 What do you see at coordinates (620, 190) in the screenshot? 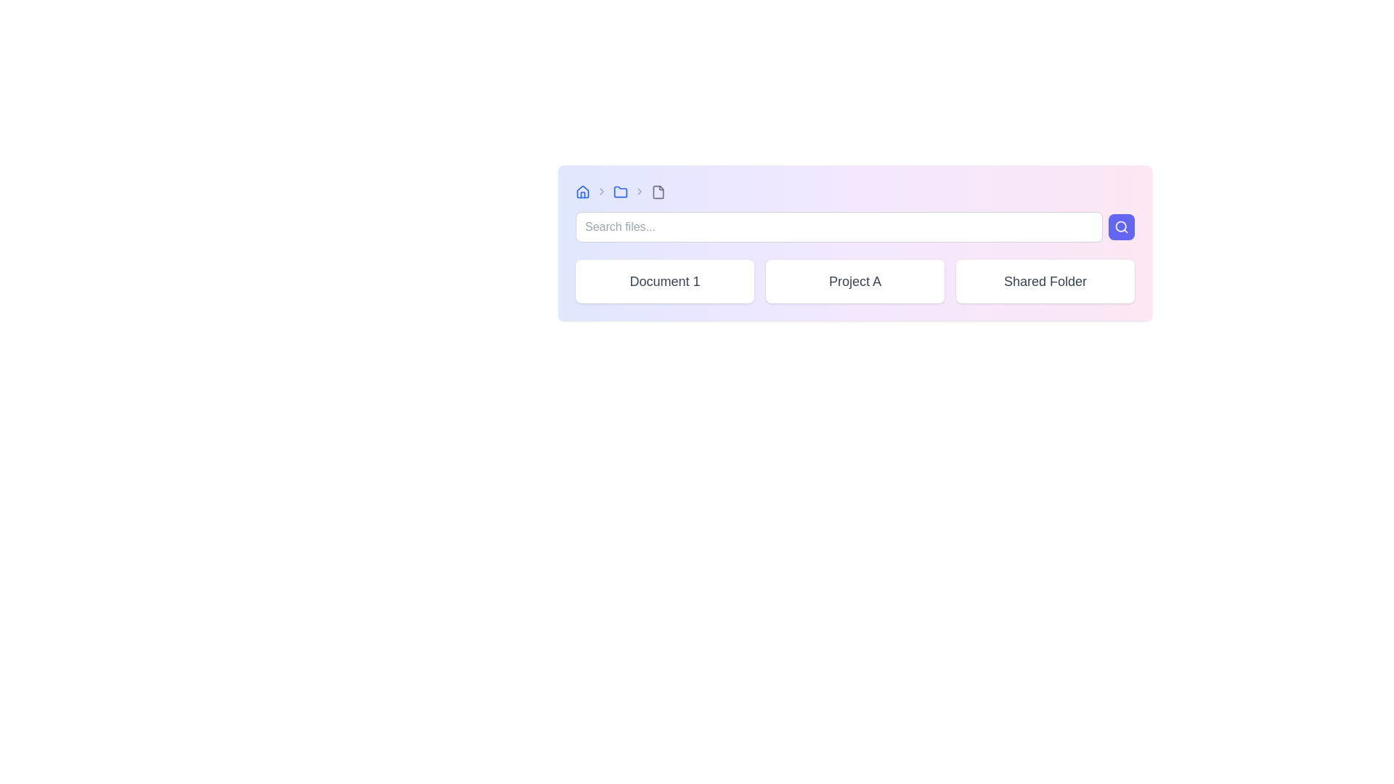
I see `the folder-shaped icon located in the top center of the interface beside other icons` at bounding box center [620, 190].